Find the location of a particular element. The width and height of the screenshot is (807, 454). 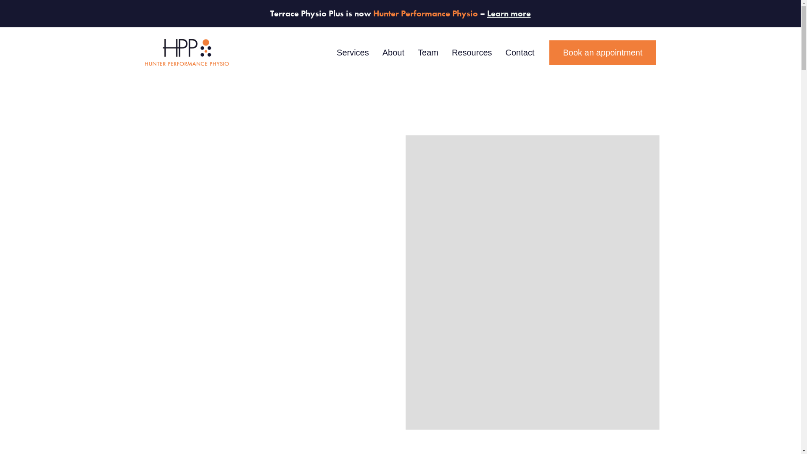

'About' is located at coordinates (375, 53).